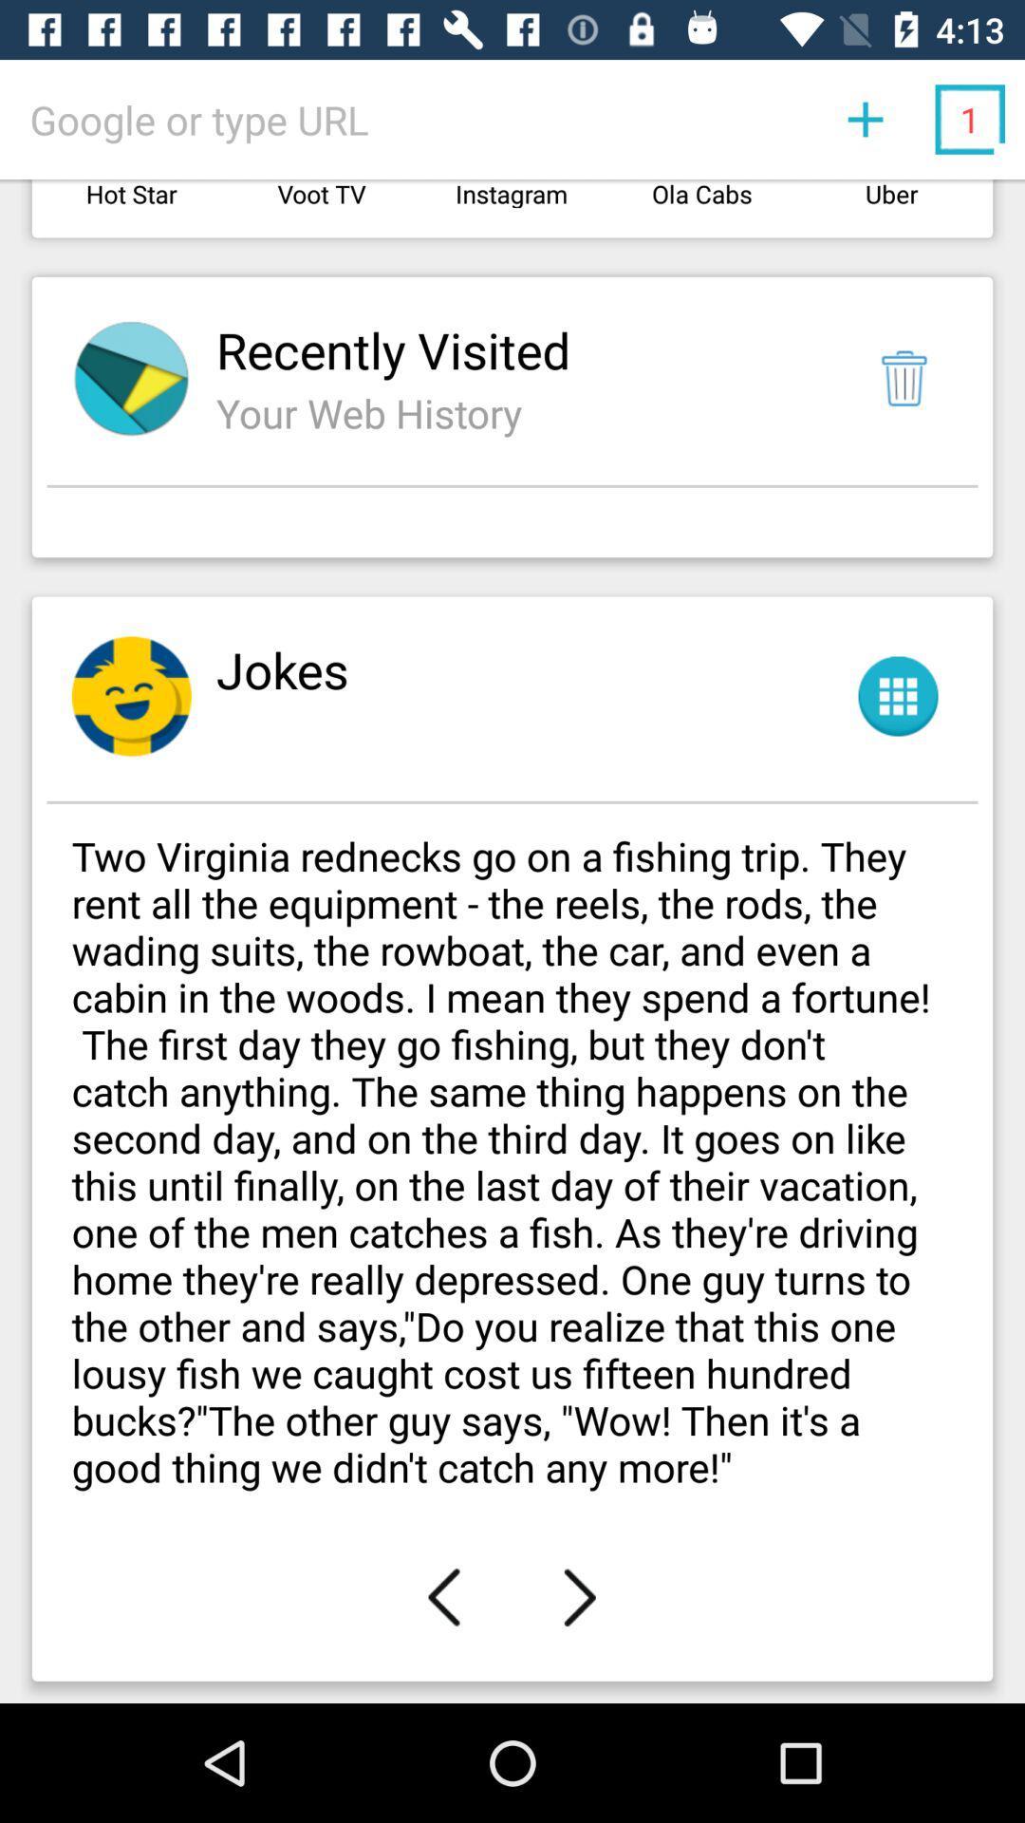 The image size is (1025, 1823). What do you see at coordinates (512, 527) in the screenshot?
I see `icon above the jokes item` at bounding box center [512, 527].